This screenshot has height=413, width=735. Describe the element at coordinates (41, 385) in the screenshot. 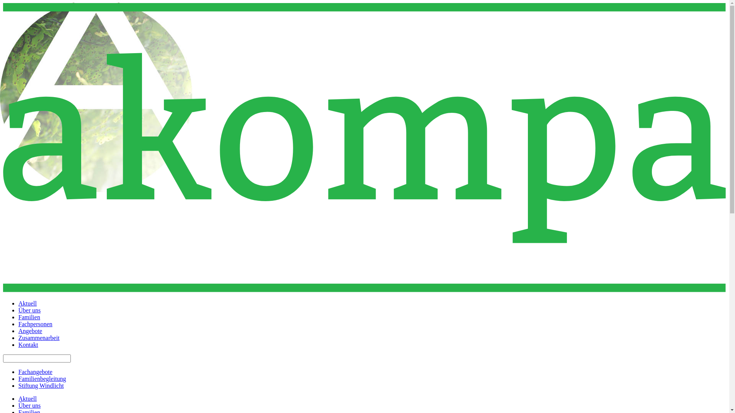

I see `'Stiftung Windlicht'` at that location.